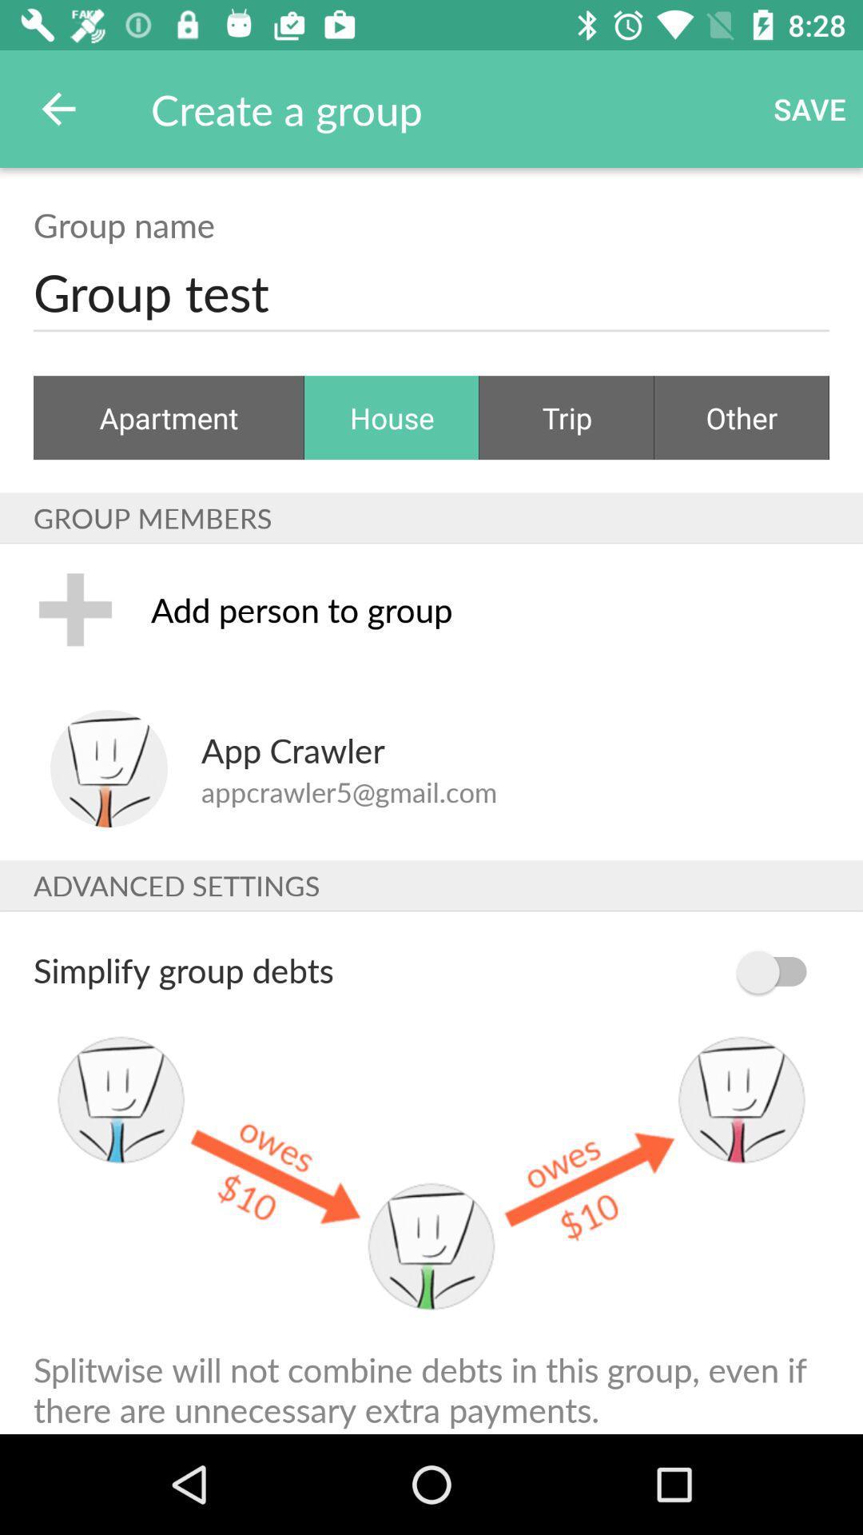  What do you see at coordinates (778, 971) in the screenshot?
I see `item below advanced settings icon` at bounding box center [778, 971].